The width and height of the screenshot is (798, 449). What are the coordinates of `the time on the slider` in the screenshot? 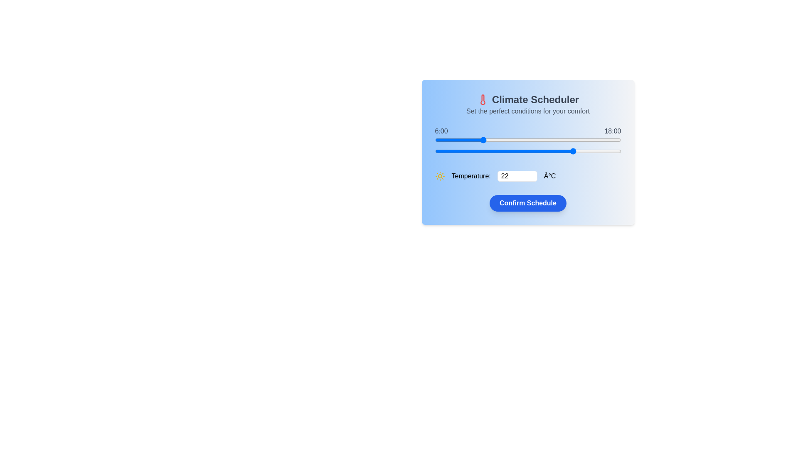 It's located at (574, 139).